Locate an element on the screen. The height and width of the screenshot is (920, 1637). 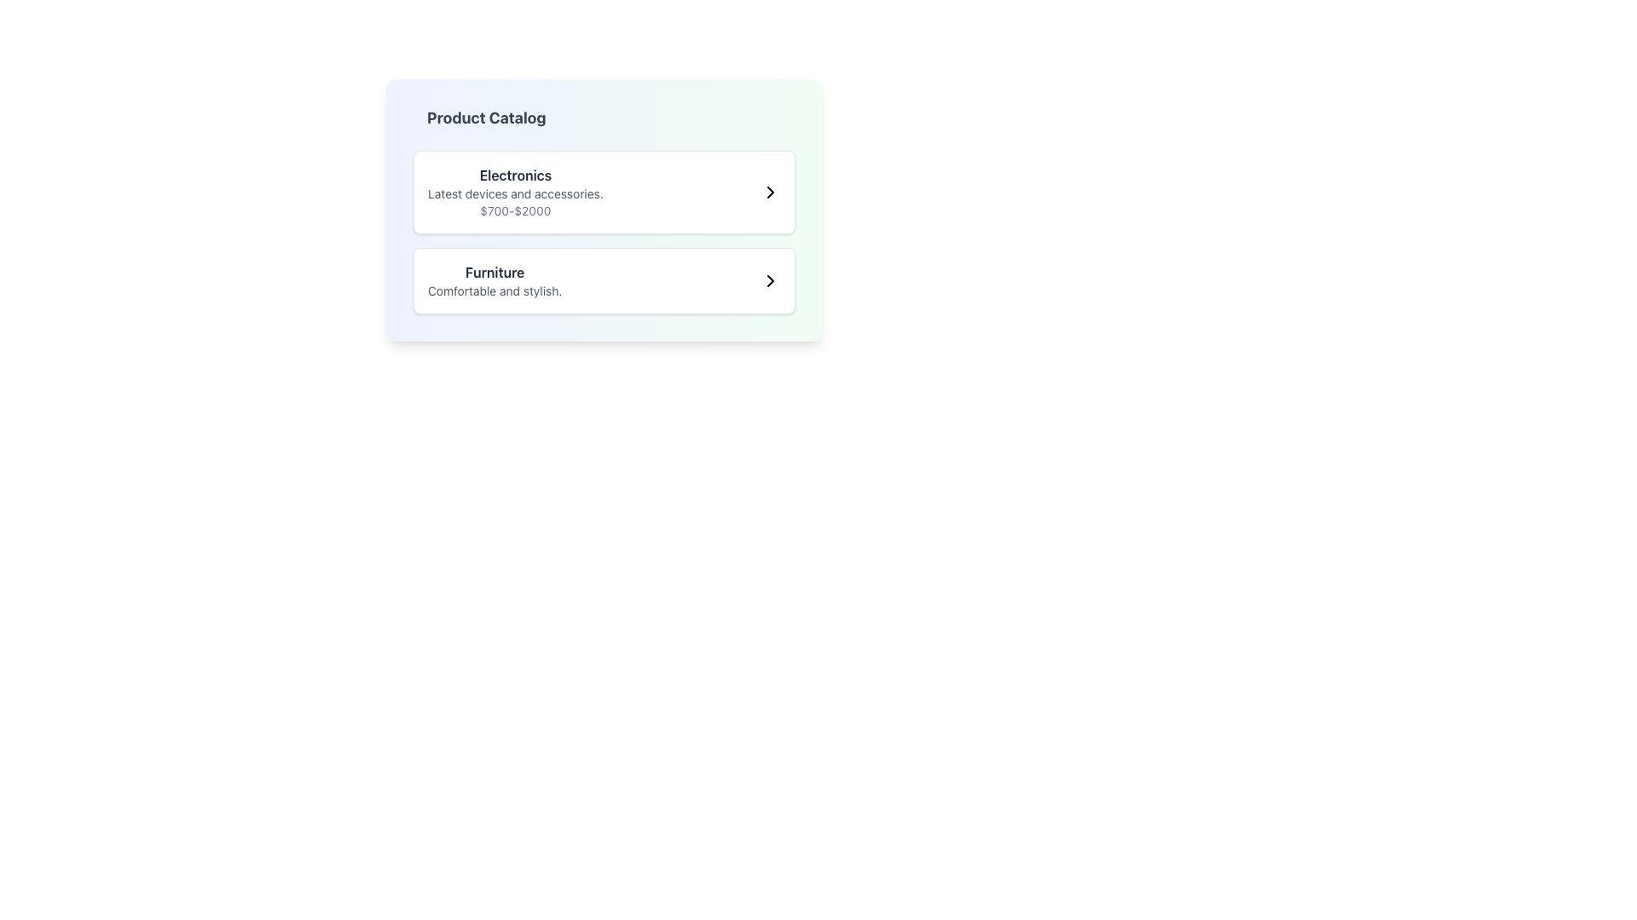
static text label that serves as the title for the electronics category, located at the top of the 'Product Catalog' section is located at coordinates (514, 175).